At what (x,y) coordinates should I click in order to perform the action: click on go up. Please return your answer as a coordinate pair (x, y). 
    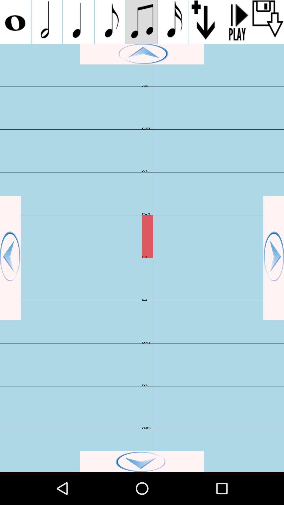
    Looking at the image, I should click on (142, 54).